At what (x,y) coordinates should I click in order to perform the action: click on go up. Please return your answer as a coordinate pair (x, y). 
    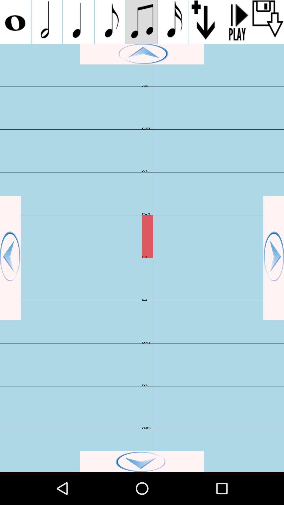
    Looking at the image, I should click on (142, 54).